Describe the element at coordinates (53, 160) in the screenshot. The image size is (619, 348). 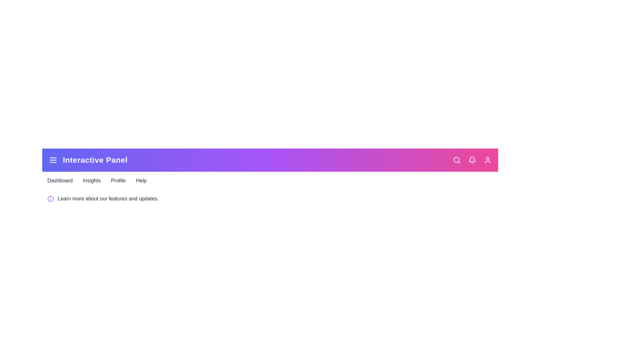
I see `the menu icon to toggle the menu visibility` at that location.